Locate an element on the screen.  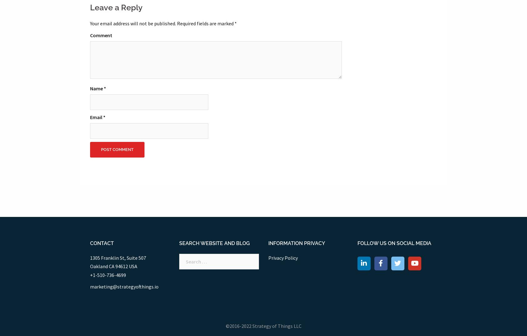
'Oakland CA 94612 USA' is located at coordinates (113, 266).